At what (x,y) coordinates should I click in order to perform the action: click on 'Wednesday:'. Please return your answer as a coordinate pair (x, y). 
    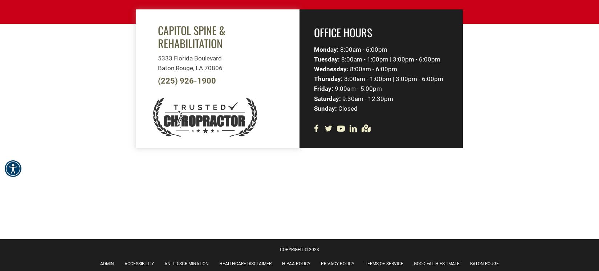
    Looking at the image, I should click on (331, 68).